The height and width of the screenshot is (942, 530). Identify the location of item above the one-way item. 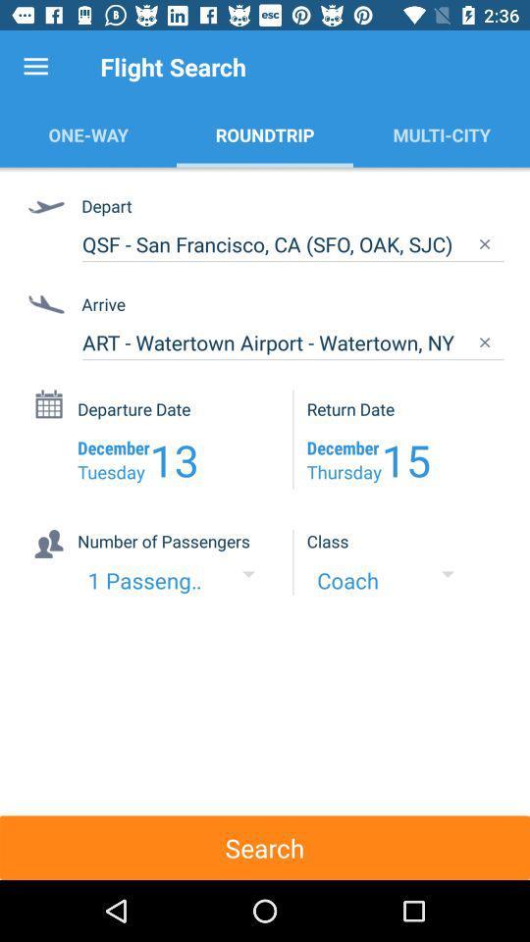
(35, 67).